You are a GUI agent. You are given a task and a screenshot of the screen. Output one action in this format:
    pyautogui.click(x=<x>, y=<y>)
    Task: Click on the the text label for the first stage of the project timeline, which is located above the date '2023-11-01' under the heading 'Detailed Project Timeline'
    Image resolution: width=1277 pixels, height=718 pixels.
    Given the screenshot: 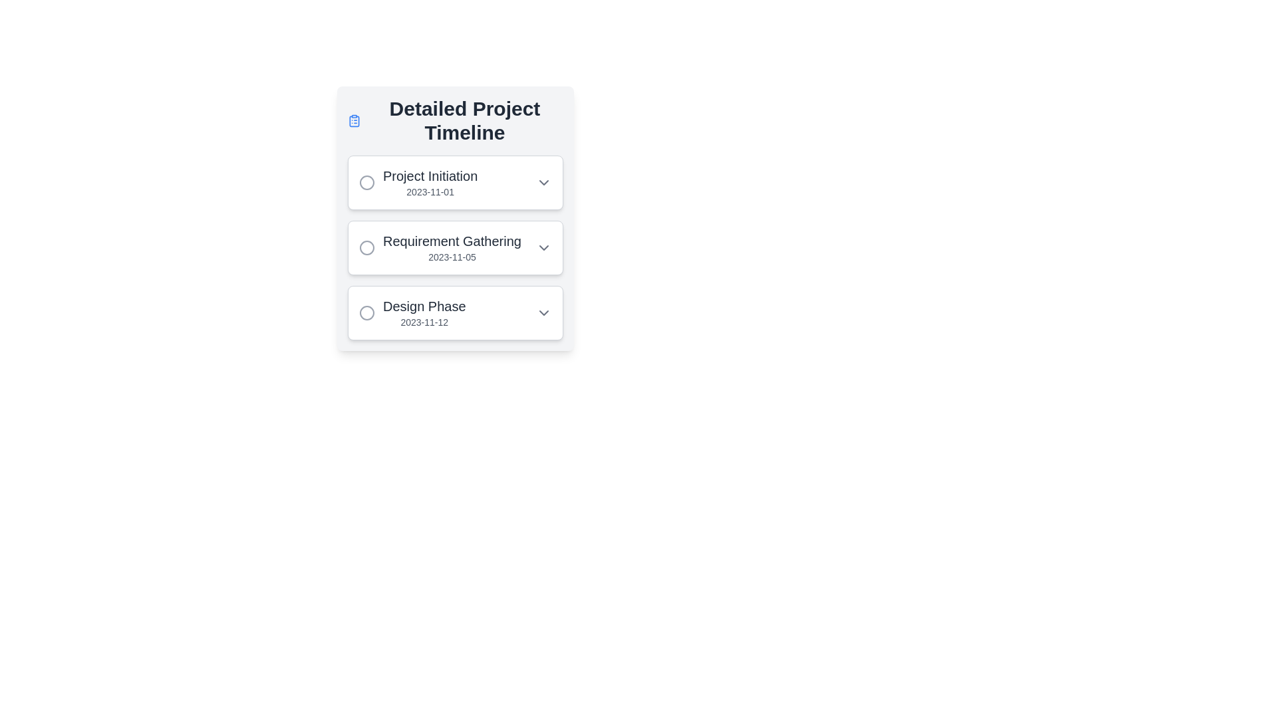 What is the action you would take?
    pyautogui.click(x=430, y=176)
    